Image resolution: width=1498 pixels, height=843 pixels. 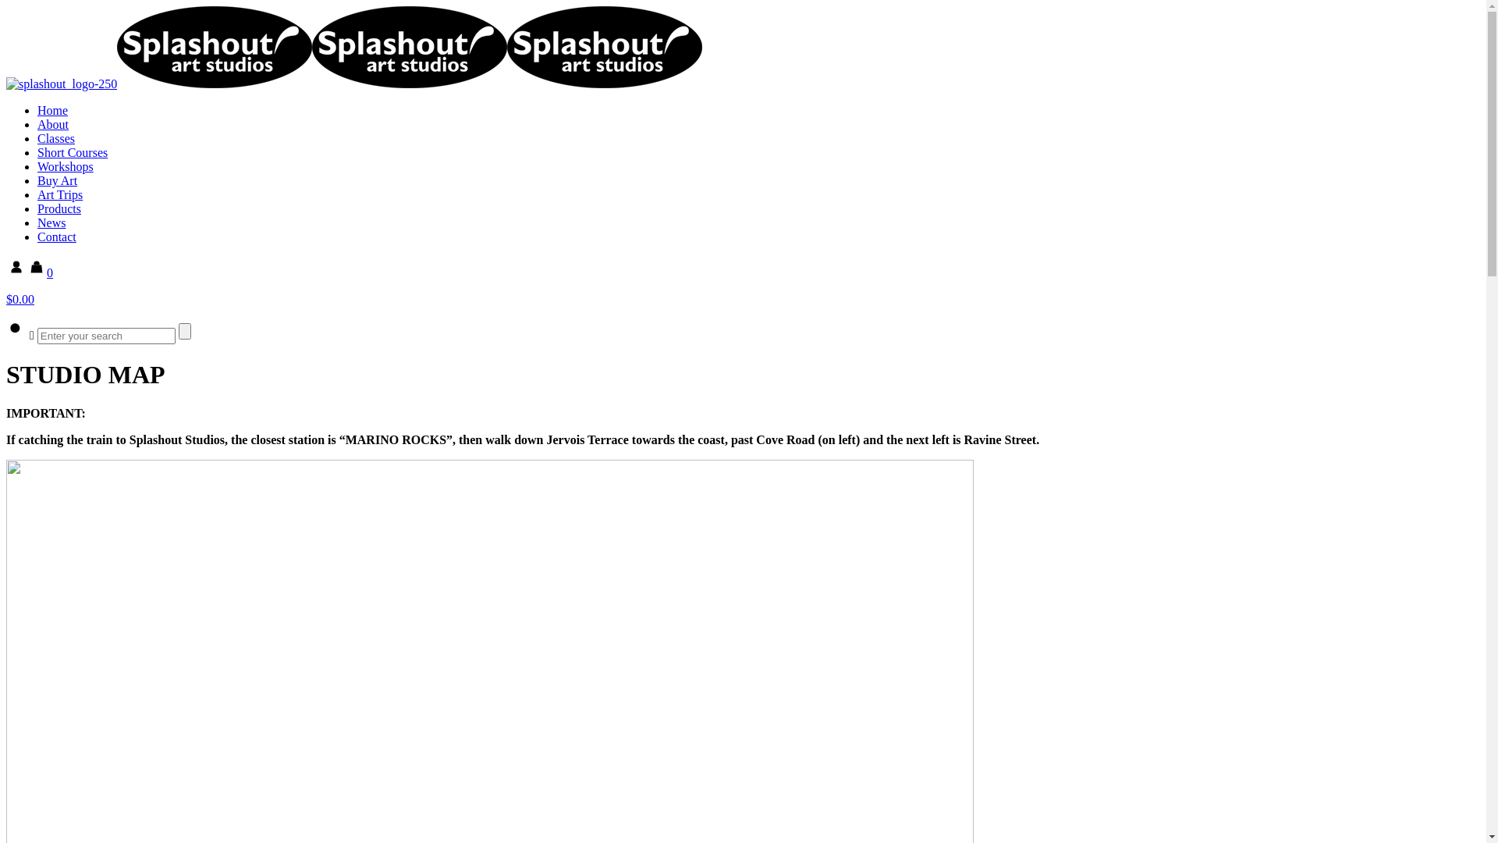 What do you see at coordinates (37, 123) in the screenshot?
I see `'About'` at bounding box center [37, 123].